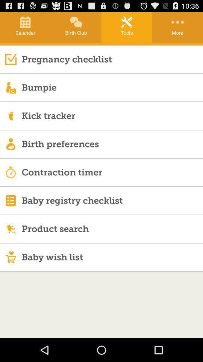 This screenshot has width=203, height=362. What do you see at coordinates (112, 257) in the screenshot?
I see `the baby wish list` at bounding box center [112, 257].